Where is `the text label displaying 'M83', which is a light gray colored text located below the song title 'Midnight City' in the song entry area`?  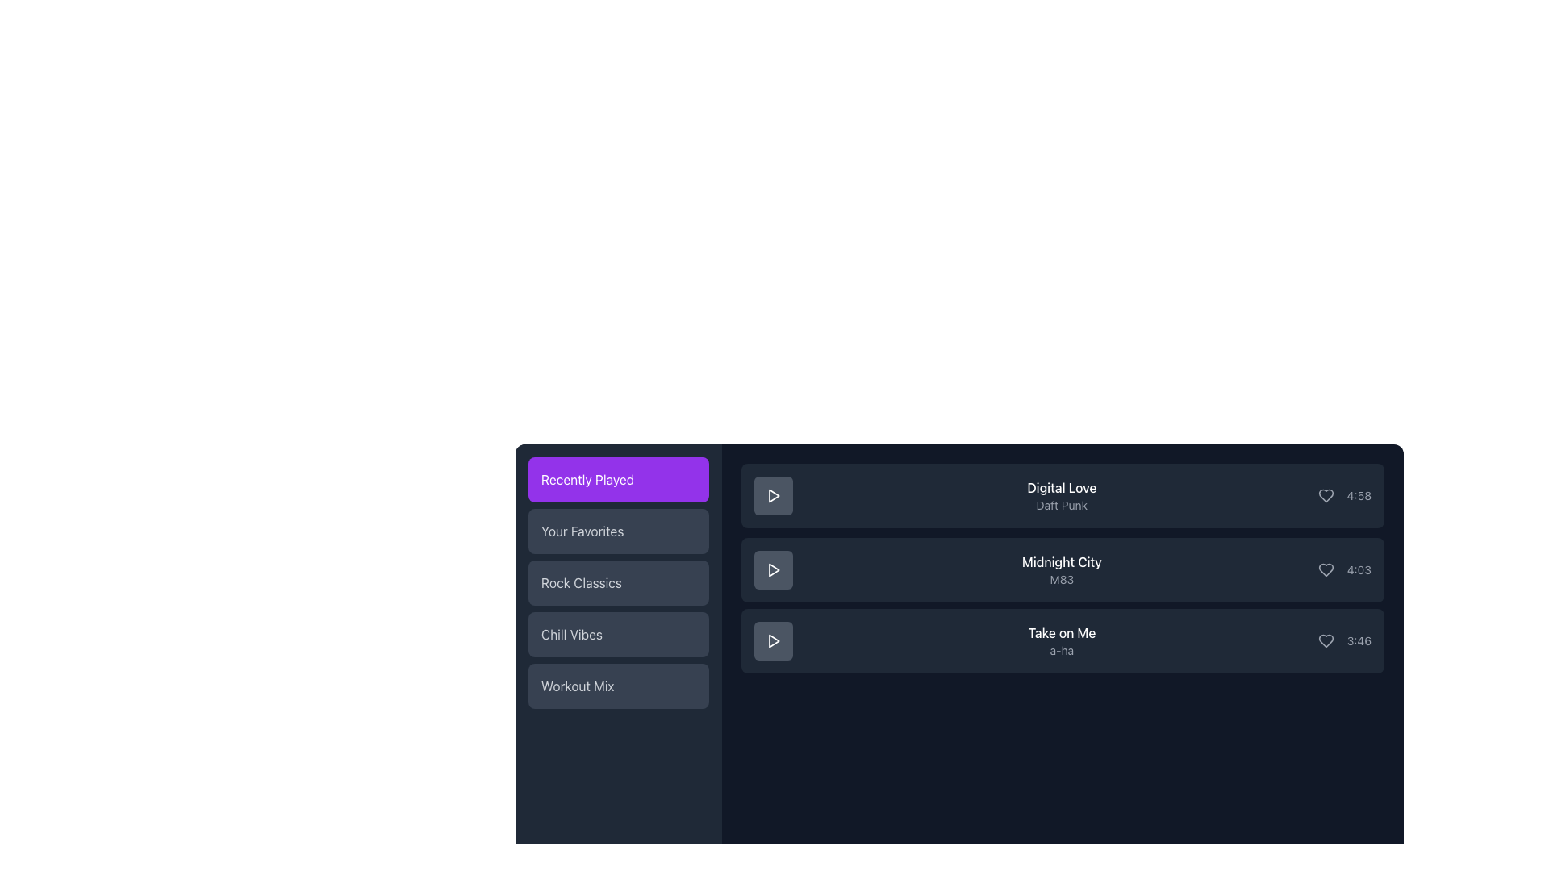
the text label displaying 'M83', which is a light gray colored text located below the song title 'Midnight City' in the song entry area is located at coordinates (1062, 578).